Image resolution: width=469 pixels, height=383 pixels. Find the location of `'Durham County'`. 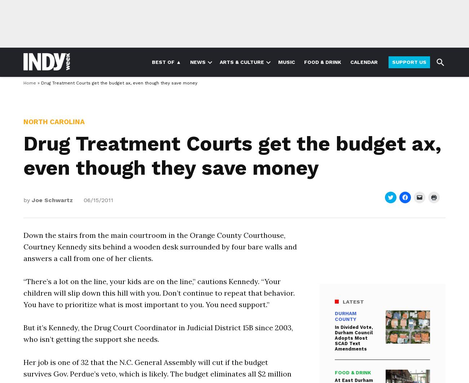

'Durham County' is located at coordinates (334, 316).